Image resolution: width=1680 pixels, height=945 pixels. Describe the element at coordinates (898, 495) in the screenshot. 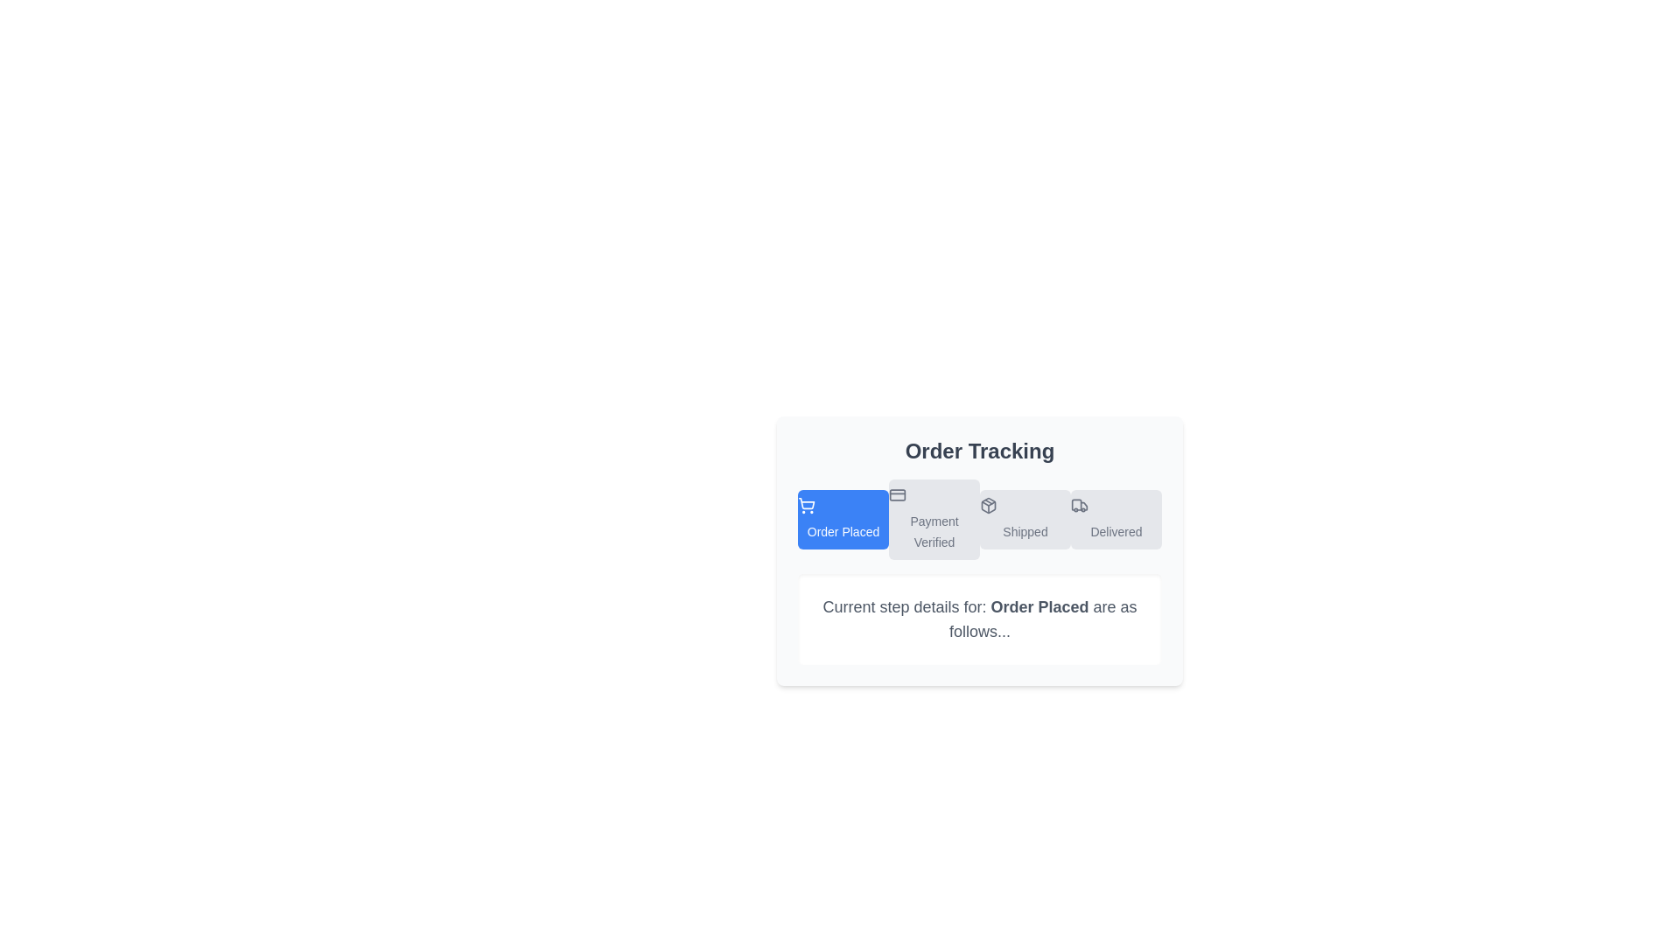

I see `the credit card icon in the 'Order Tracking' tab of the navigation bar, which is positioned between the 'Order Placed' and 'Shipped' tabs` at that location.